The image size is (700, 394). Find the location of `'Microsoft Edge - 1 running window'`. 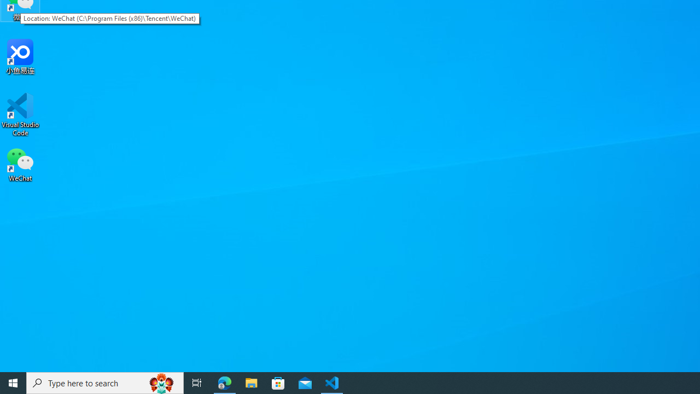

'Microsoft Edge - 1 running window' is located at coordinates (224, 382).